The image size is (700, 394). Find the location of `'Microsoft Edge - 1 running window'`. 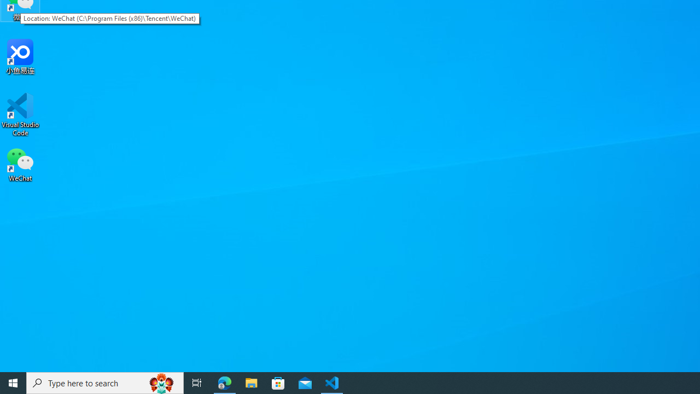

'Microsoft Edge - 1 running window' is located at coordinates (224, 382).